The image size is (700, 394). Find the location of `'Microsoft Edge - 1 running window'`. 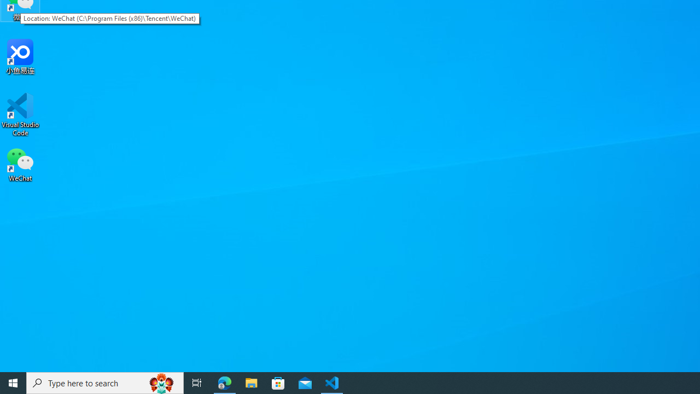

'Microsoft Edge - 1 running window' is located at coordinates (224, 382).